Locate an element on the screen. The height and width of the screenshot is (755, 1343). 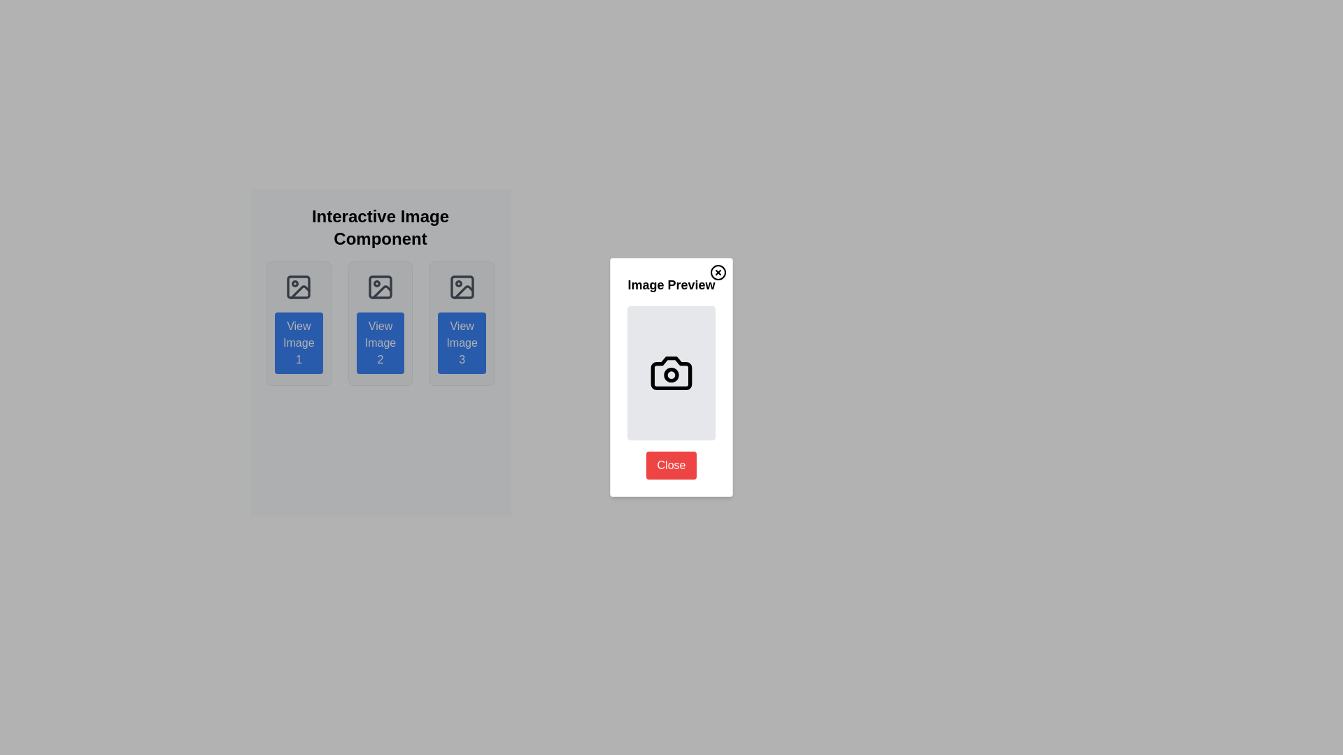
the rectangular icon with rounded corners depicting a mountain and a sun, located in the center of the three image buttons under the title 'Interactive Image Component' is located at coordinates (380, 287).